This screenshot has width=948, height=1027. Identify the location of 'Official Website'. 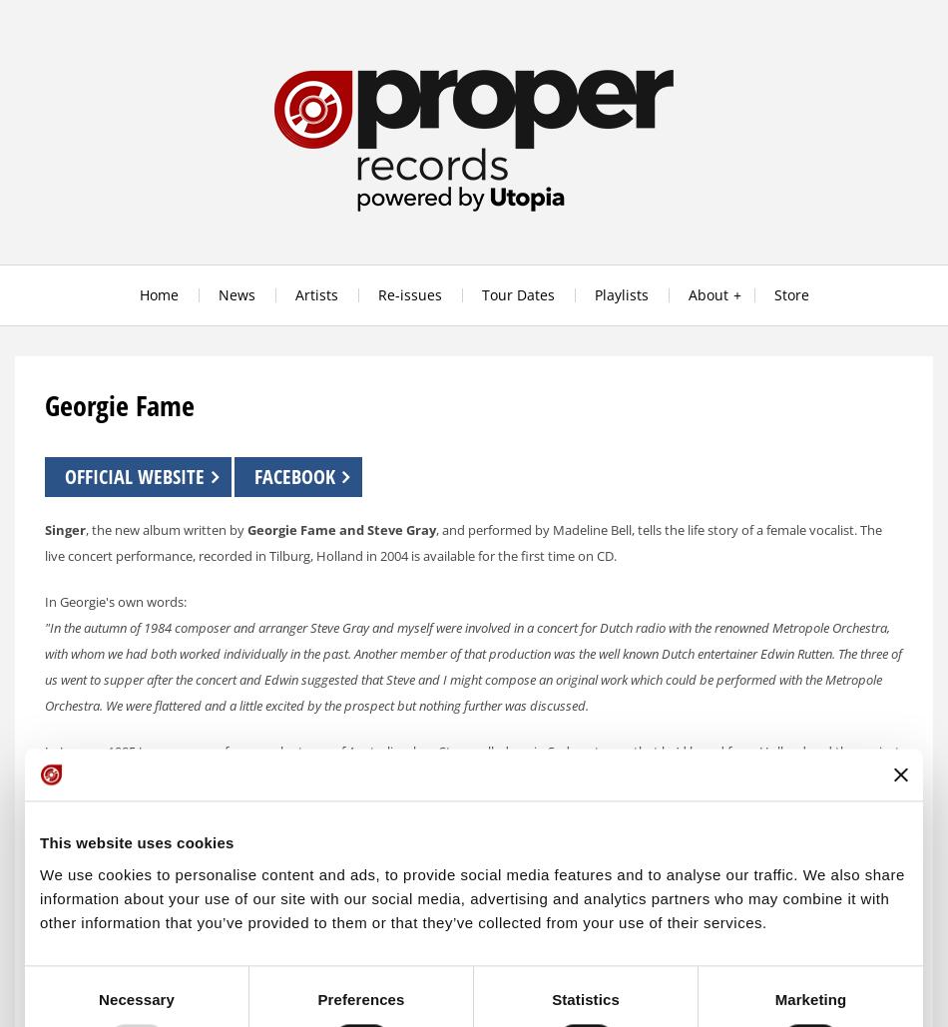
(64, 475).